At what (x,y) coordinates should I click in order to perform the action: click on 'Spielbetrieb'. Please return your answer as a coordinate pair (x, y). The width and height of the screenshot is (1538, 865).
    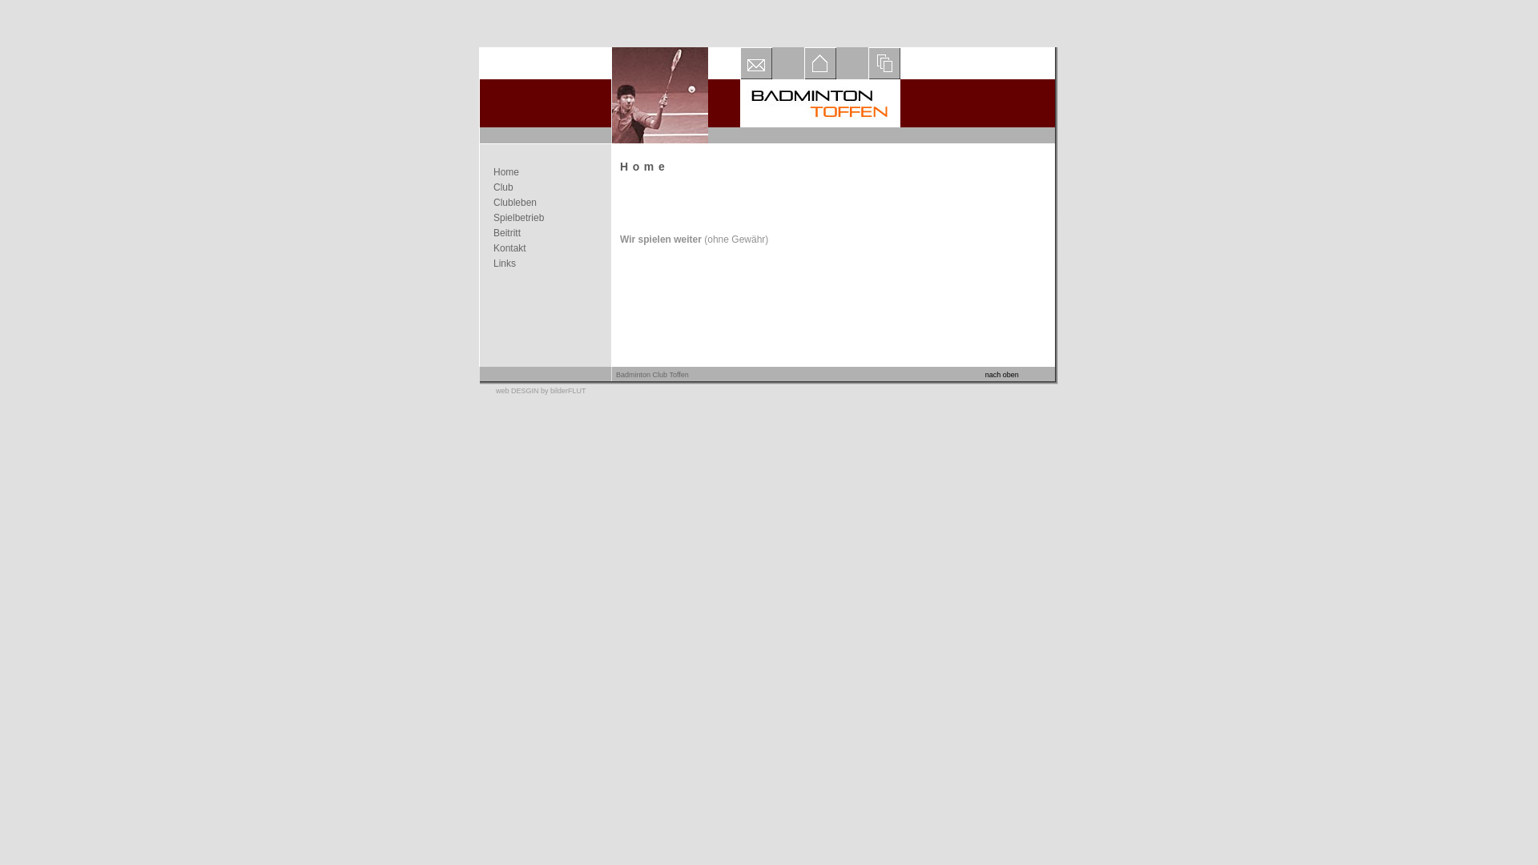
    Looking at the image, I should click on (546, 217).